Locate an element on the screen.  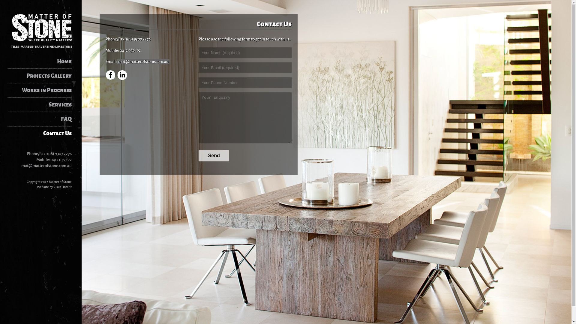
'Works in Progress' is located at coordinates (43, 90).